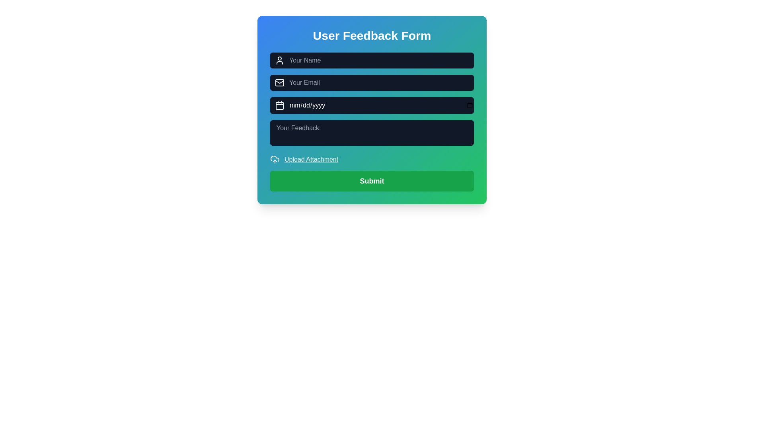 The image size is (764, 430). Describe the element at coordinates (279, 60) in the screenshot. I see `the Decorative icon (SVG) located to the left inside the 'Your Name' input field, which is a minimalistic white user icon on a dark background` at that location.